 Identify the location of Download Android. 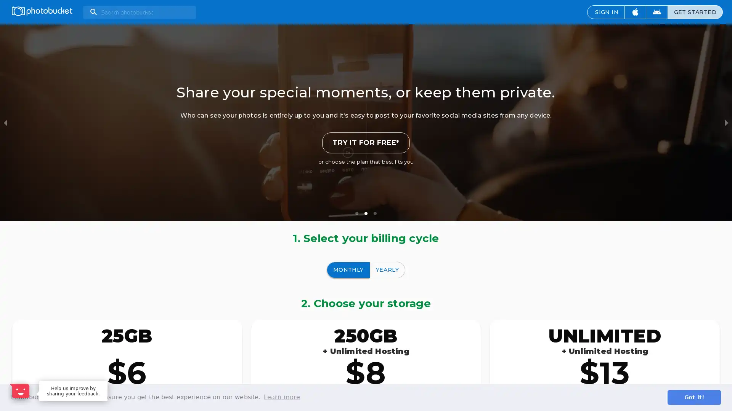
(656, 12).